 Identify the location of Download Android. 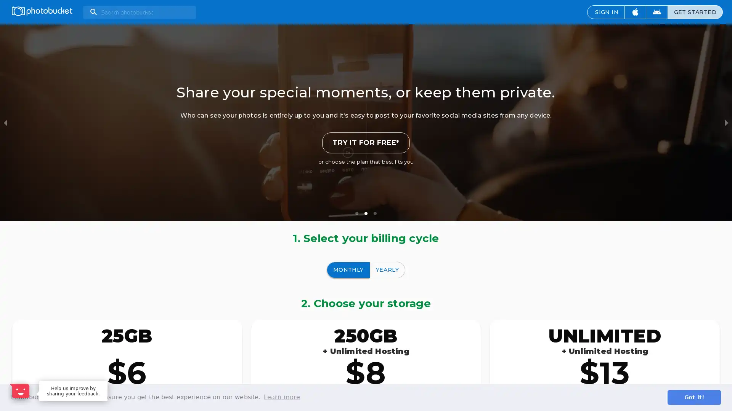
(656, 12).